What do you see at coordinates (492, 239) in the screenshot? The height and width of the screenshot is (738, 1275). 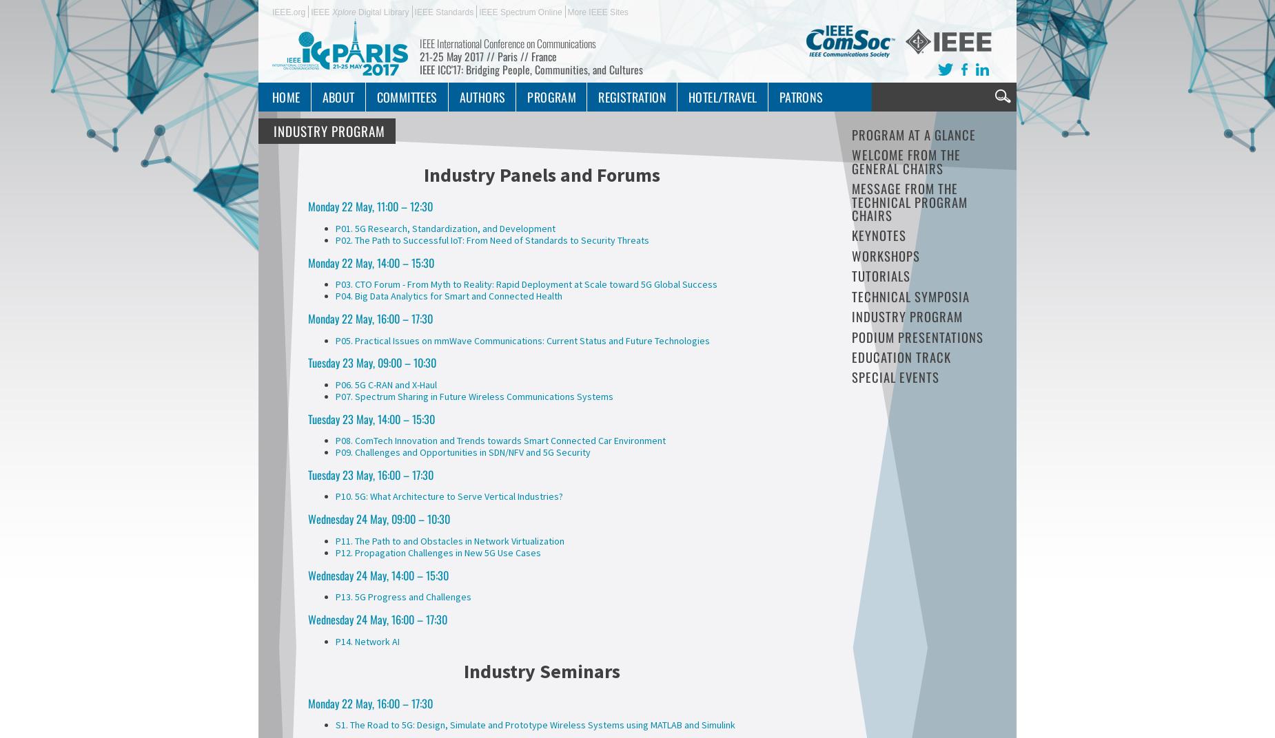 I see `'P02. The Path to Successful IoT: From Need of Standards to Security Threats'` at bounding box center [492, 239].